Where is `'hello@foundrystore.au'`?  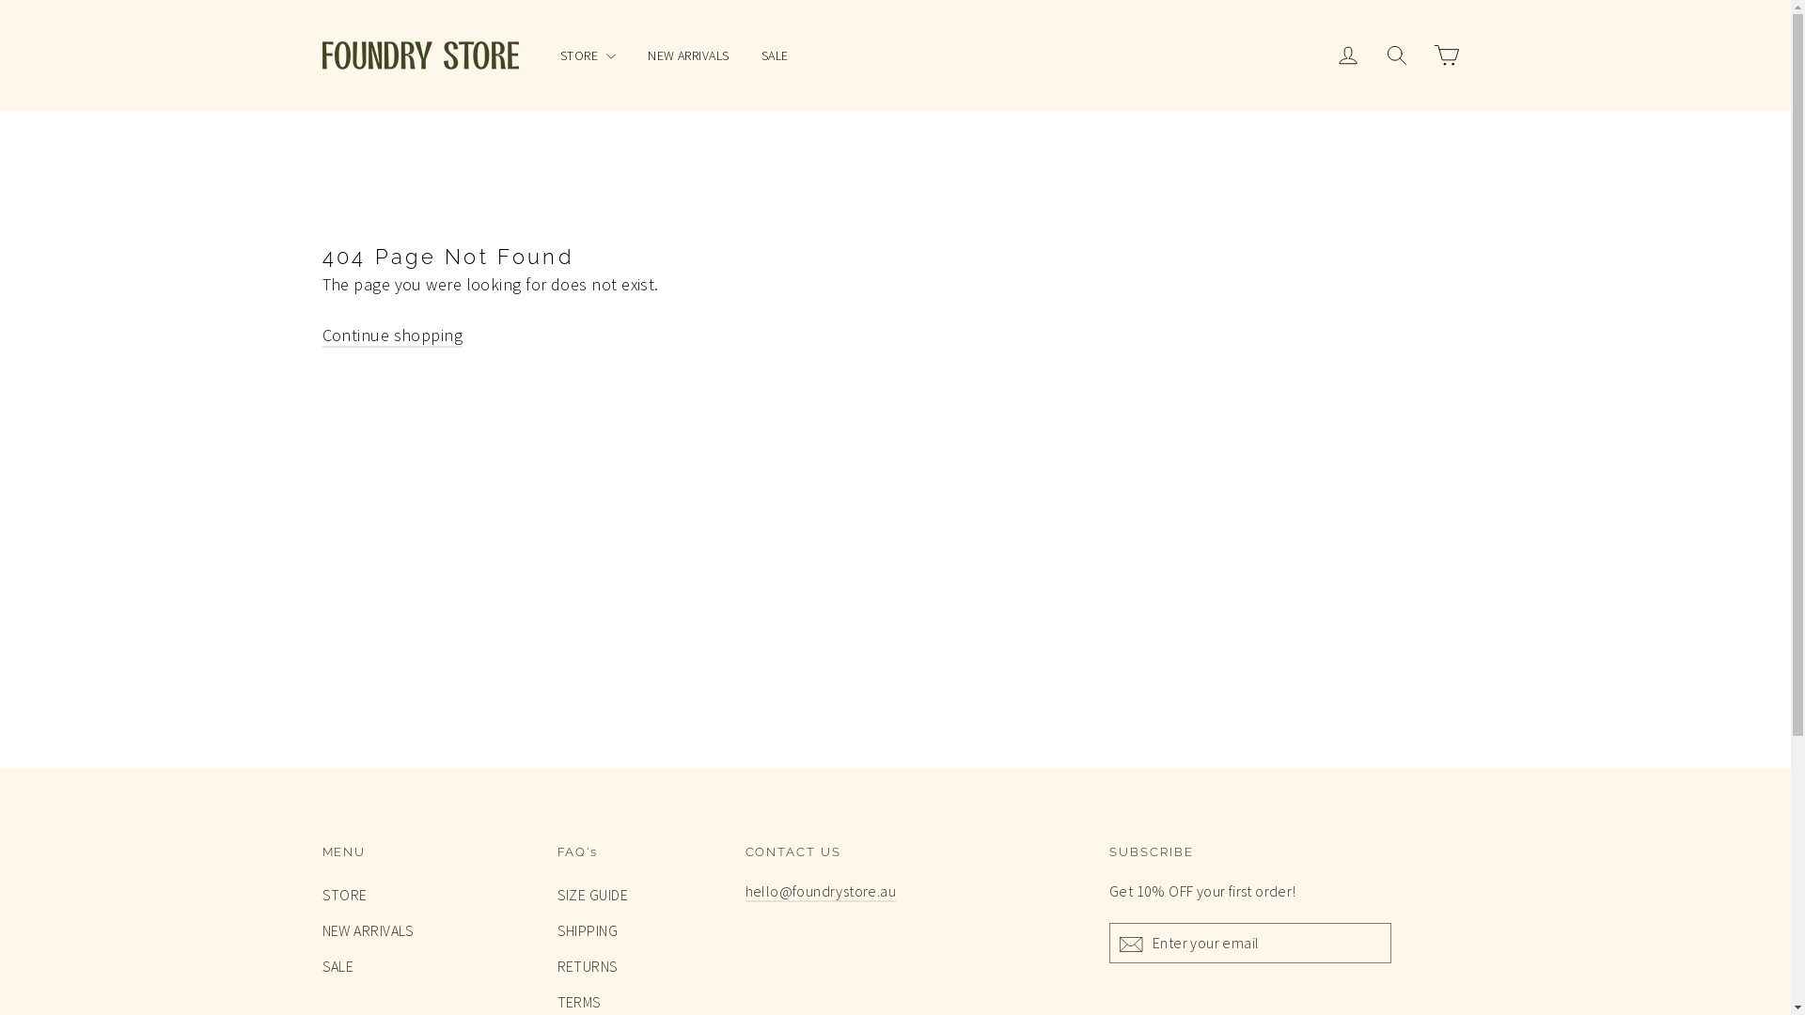
'hello@foundrystore.au' is located at coordinates (744, 890).